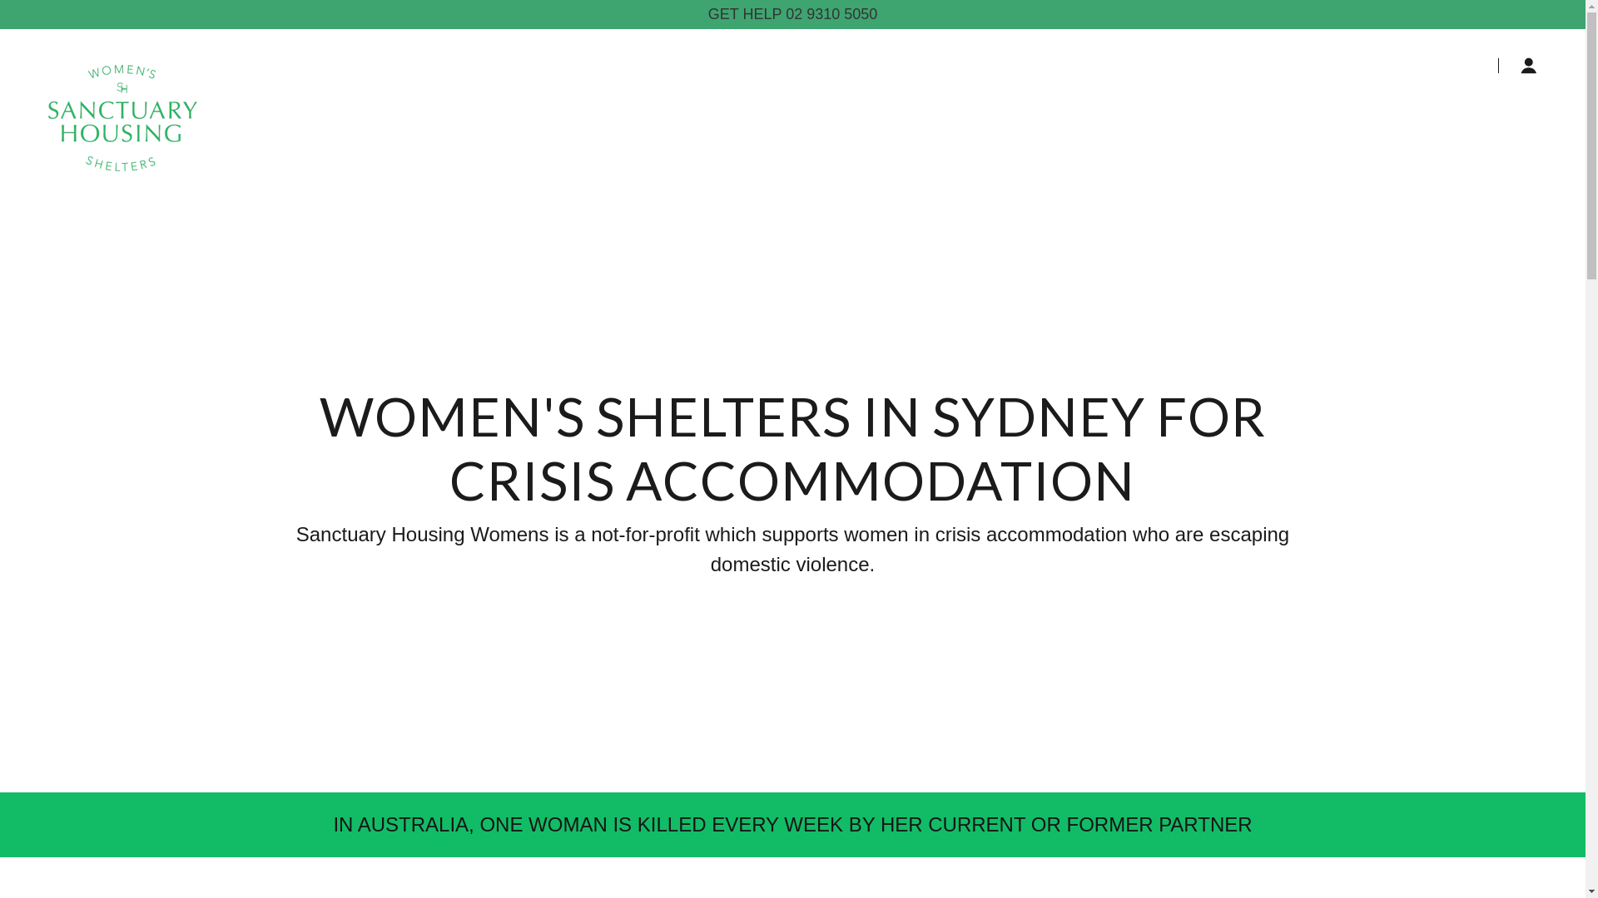  What do you see at coordinates (792, 14) in the screenshot?
I see `'GET HELP 02 9310 5050'` at bounding box center [792, 14].